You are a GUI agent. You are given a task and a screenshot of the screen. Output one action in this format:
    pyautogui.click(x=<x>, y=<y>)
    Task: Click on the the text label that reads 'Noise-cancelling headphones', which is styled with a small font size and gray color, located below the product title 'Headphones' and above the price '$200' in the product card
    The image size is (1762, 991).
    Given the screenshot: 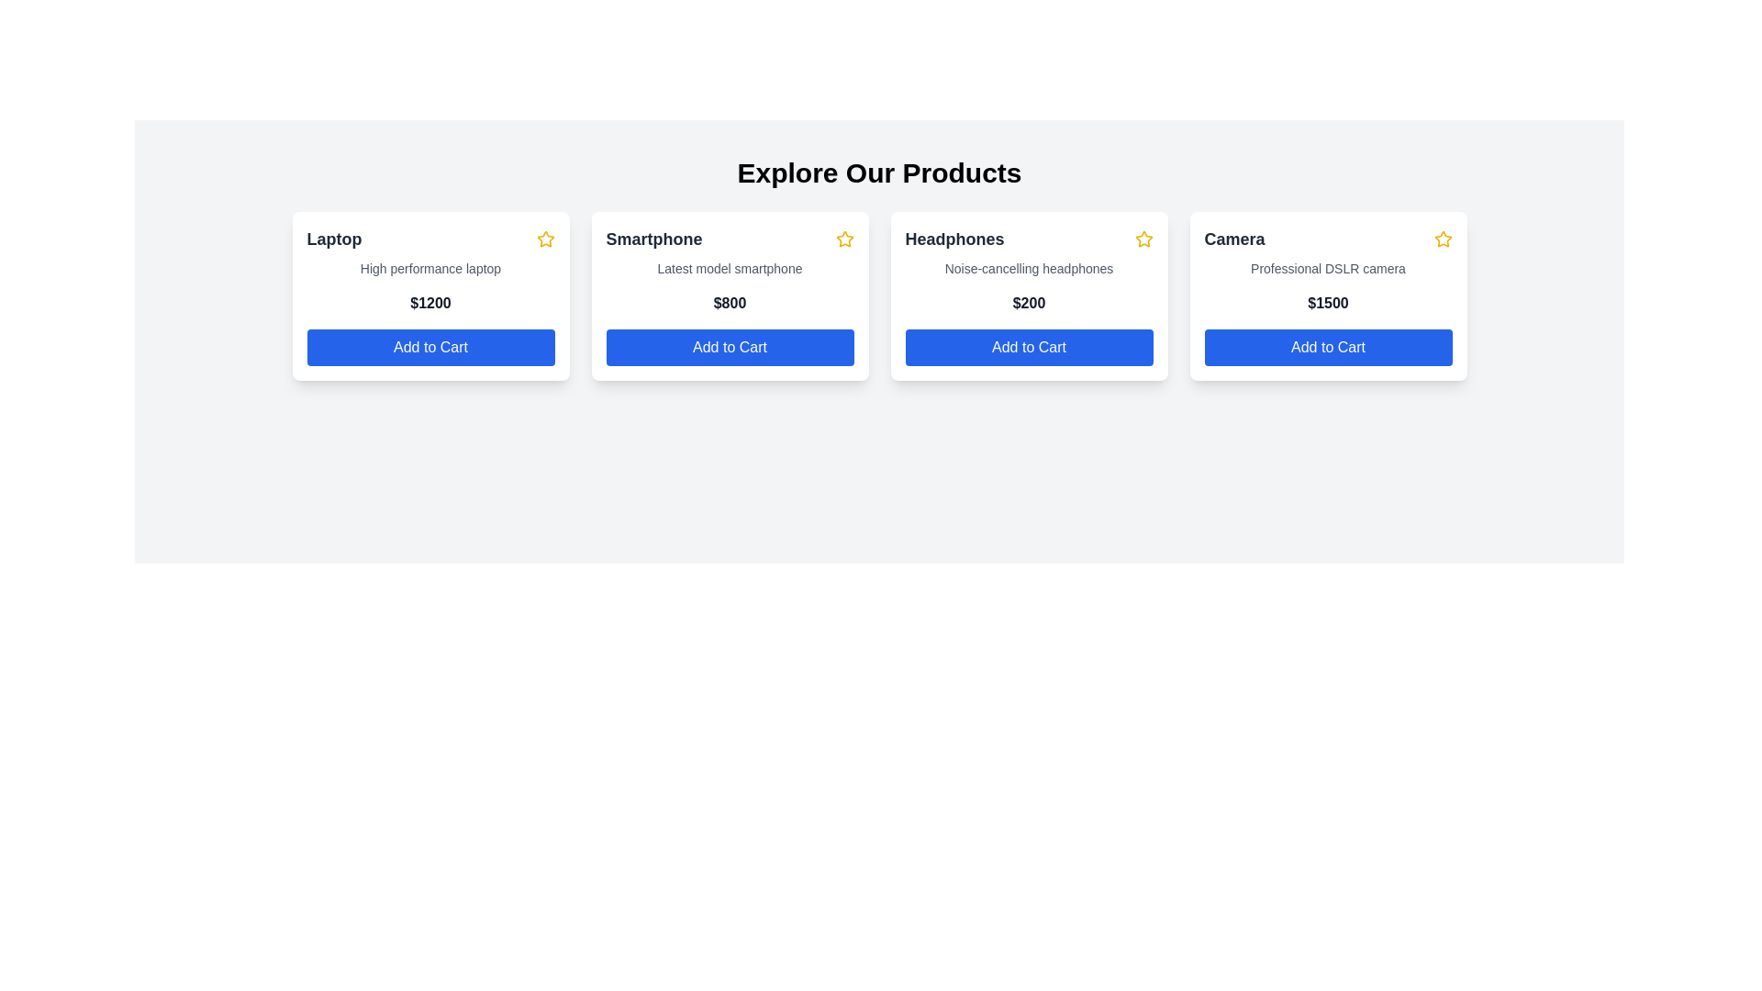 What is the action you would take?
    pyautogui.click(x=1029, y=269)
    